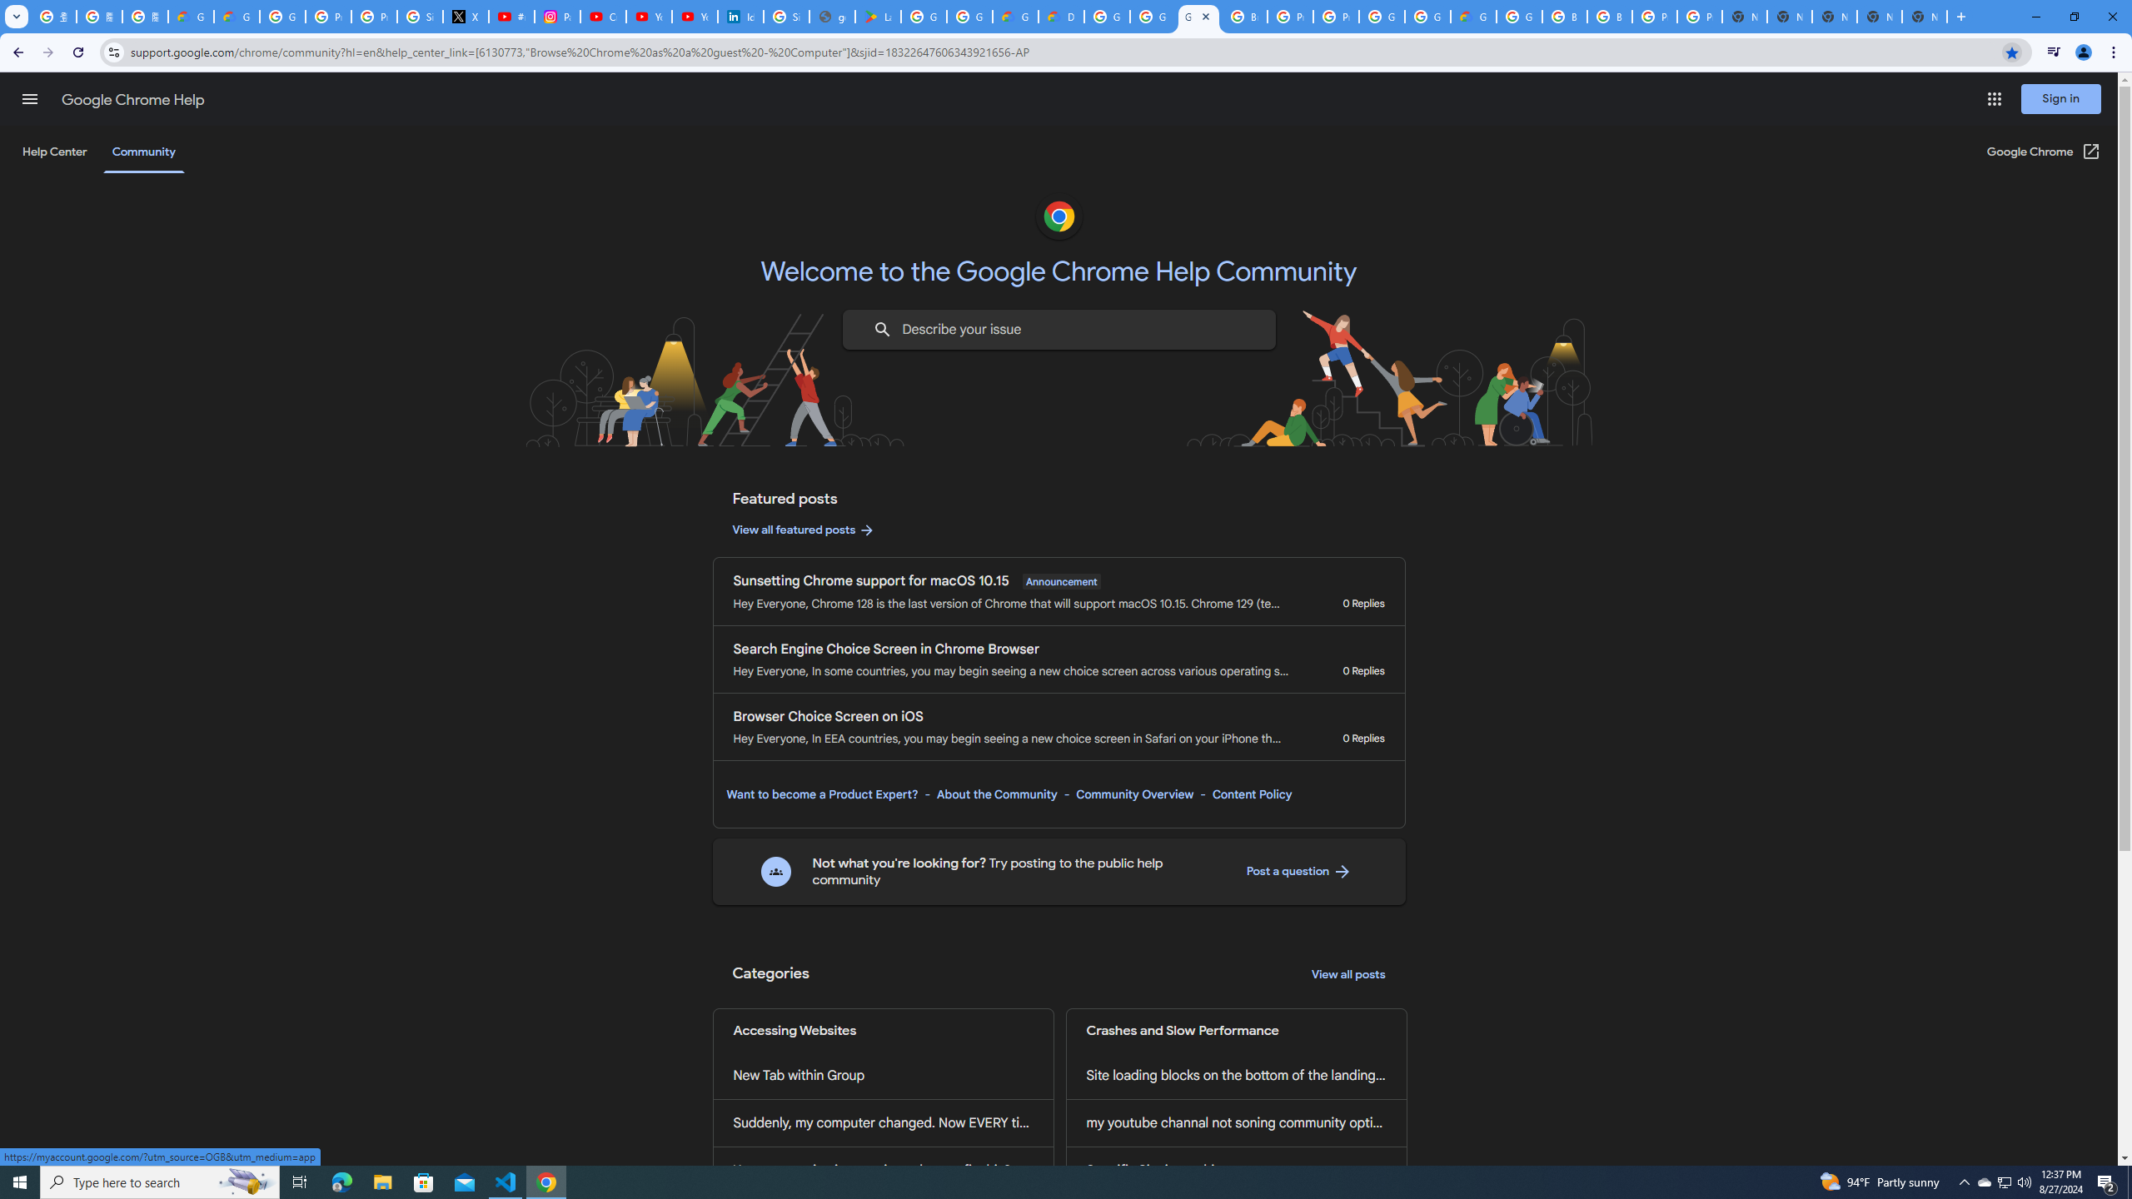 Image resolution: width=2132 pixels, height=1199 pixels. Describe the element at coordinates (1472, 16) in the screenshot. I see `'Google Cloud Estimate Summary'` at that location.